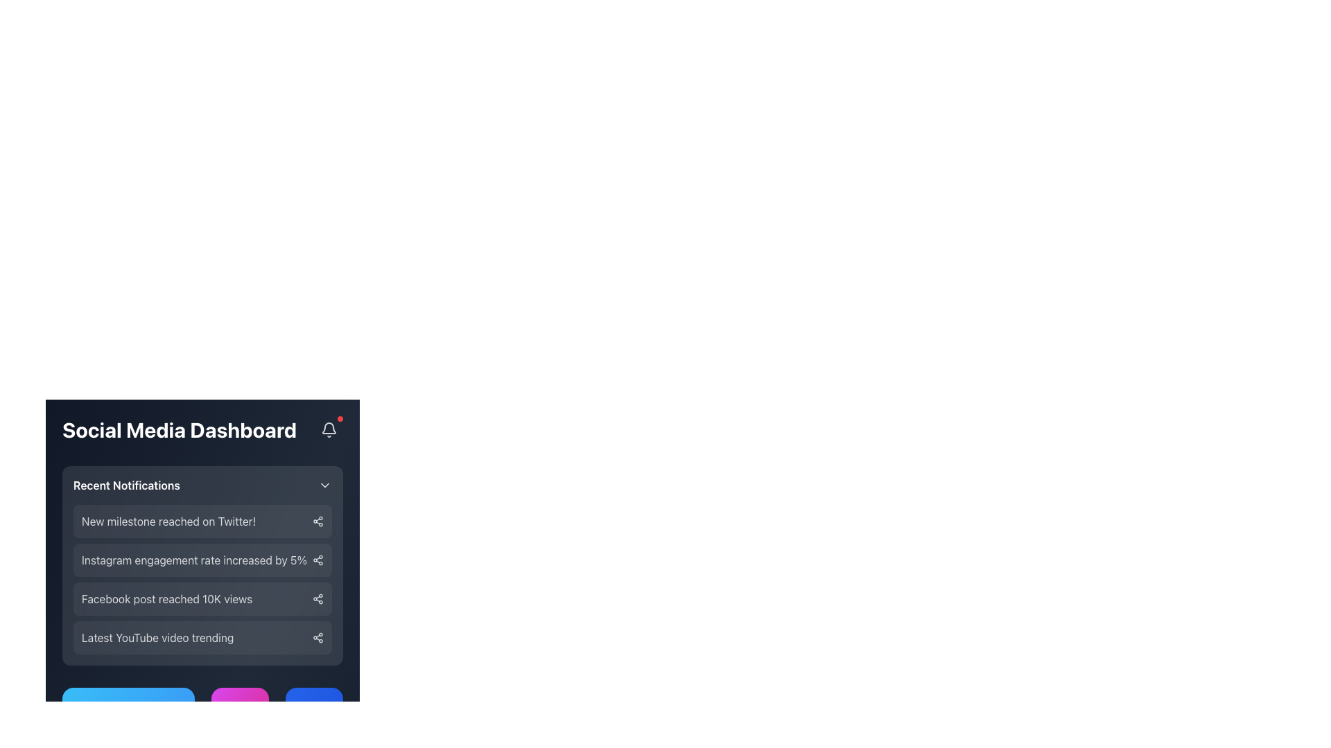 Image resolution: width=1331 pixels, height=748 pixels. What do you see at coordinates (166, 598) in the screenshot?
I see `the static notification title that indicates a social media post has reached 10,000 views, which is the third notification in the vertical list under the 'Recent Notifications' section` at bounding box center [166, 598].